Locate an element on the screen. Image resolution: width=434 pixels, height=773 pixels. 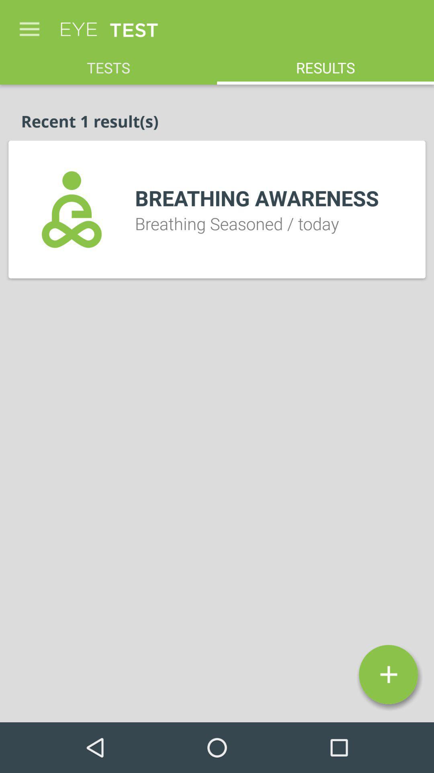
the item to the right of tests item is located at coordinates (325, 63).